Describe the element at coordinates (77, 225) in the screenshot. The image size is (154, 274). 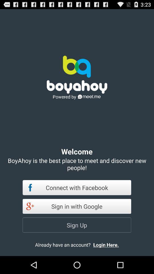
I see `app below sign in with icon` at that location.